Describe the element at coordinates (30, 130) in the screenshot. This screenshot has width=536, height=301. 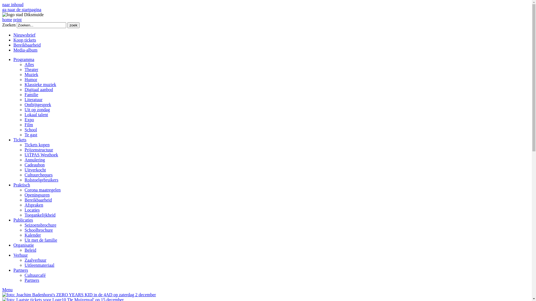
I see `'School'` at that location.